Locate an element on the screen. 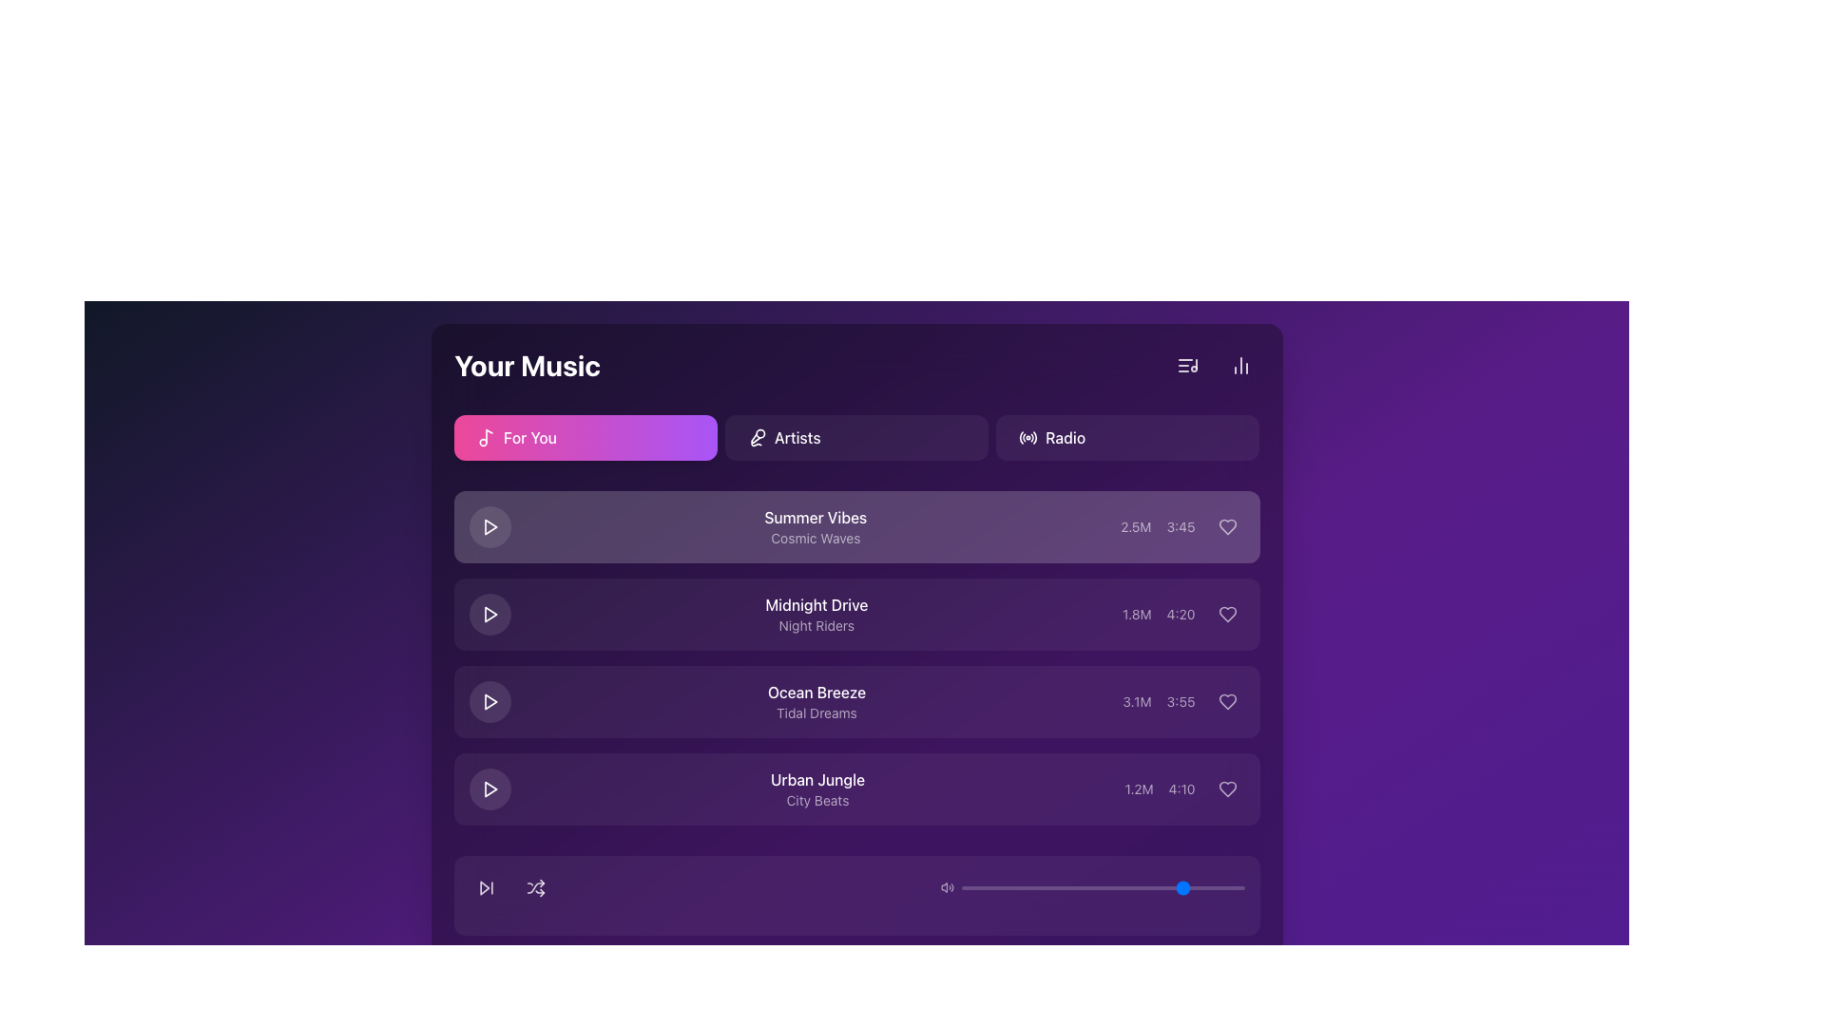 The image size is (1825, 1026). the heart icon located within a circular button to the right of the song title 'Summer Vibes' in the song list interface is located at coordinates (1227, 527).